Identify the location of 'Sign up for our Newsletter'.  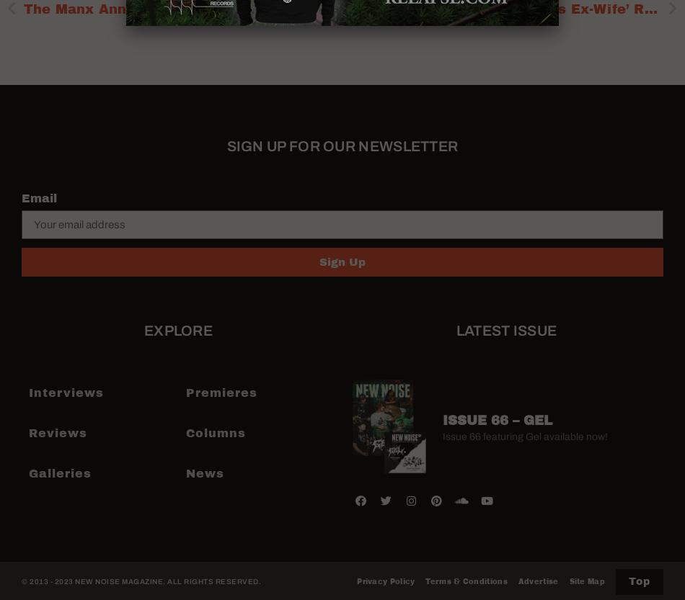
(341, 145).